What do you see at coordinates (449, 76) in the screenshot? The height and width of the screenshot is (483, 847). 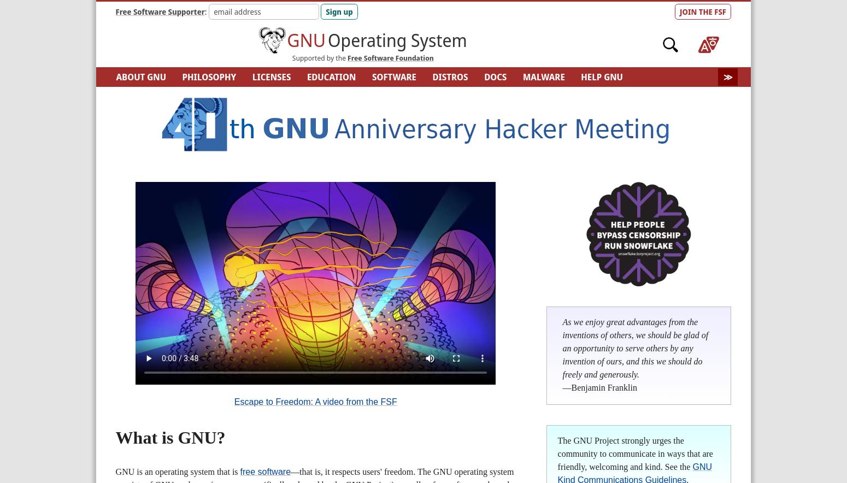 I see `'DISTROS'` at bounding box center [449, 76].